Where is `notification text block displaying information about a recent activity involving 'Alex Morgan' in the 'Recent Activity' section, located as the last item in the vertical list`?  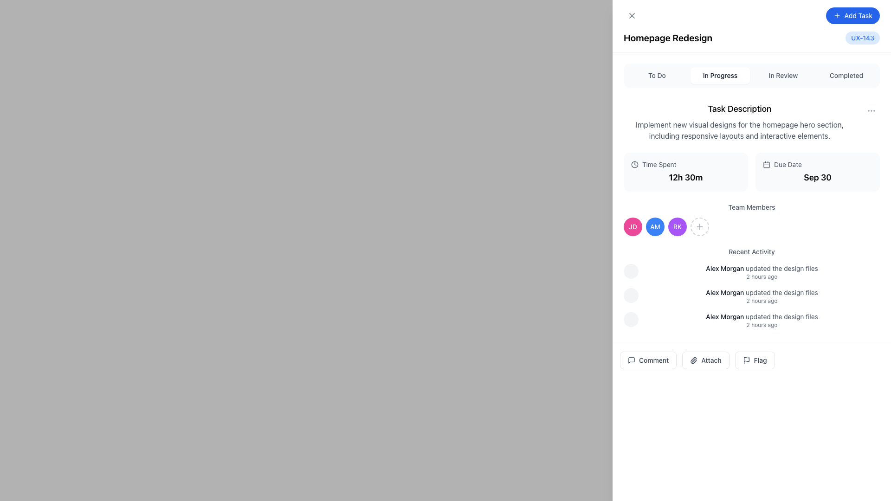
notification text block displaying information about a recent activity involving 'Alex Morgan' in the 'Recent Activity' section, located as the last item in the vertical list is located at coordinates (762, 320).